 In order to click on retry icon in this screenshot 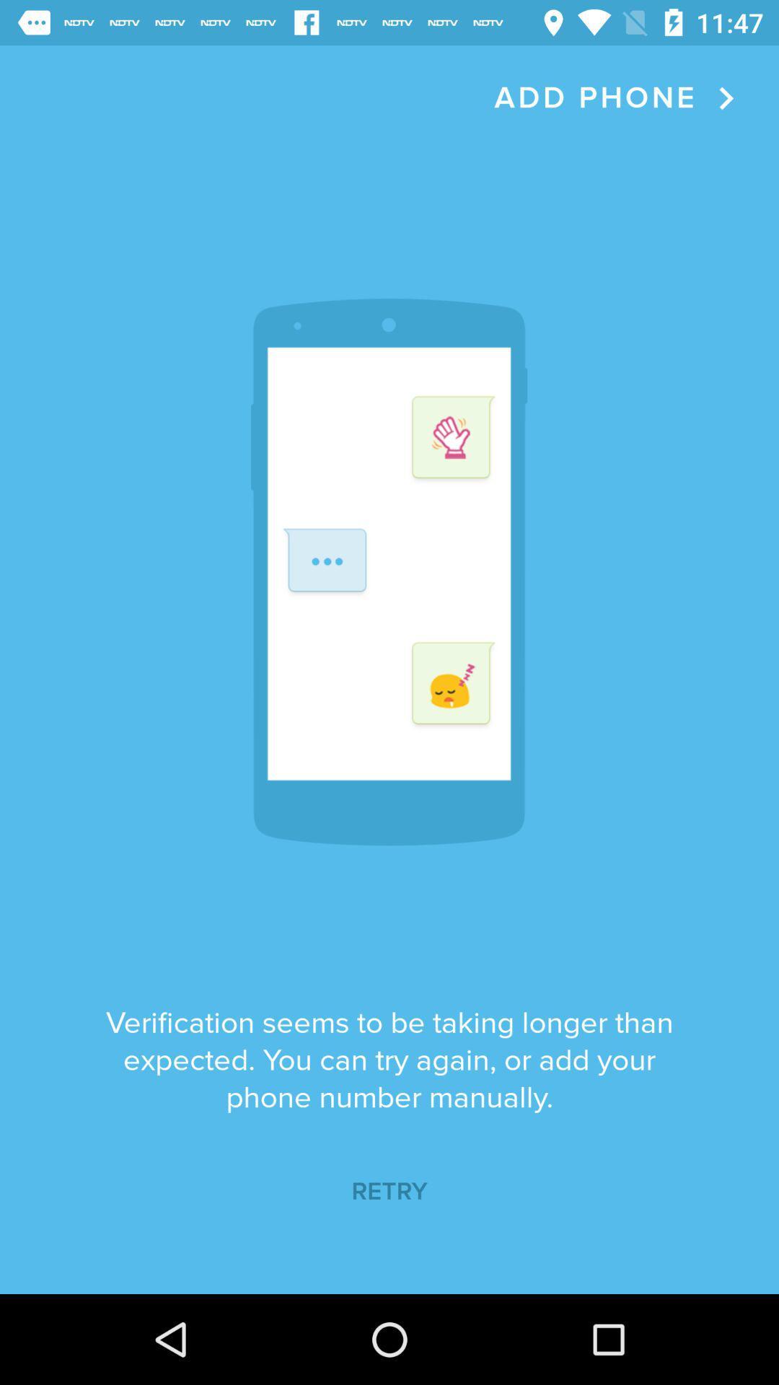, I will do `click(389, 1192)`.